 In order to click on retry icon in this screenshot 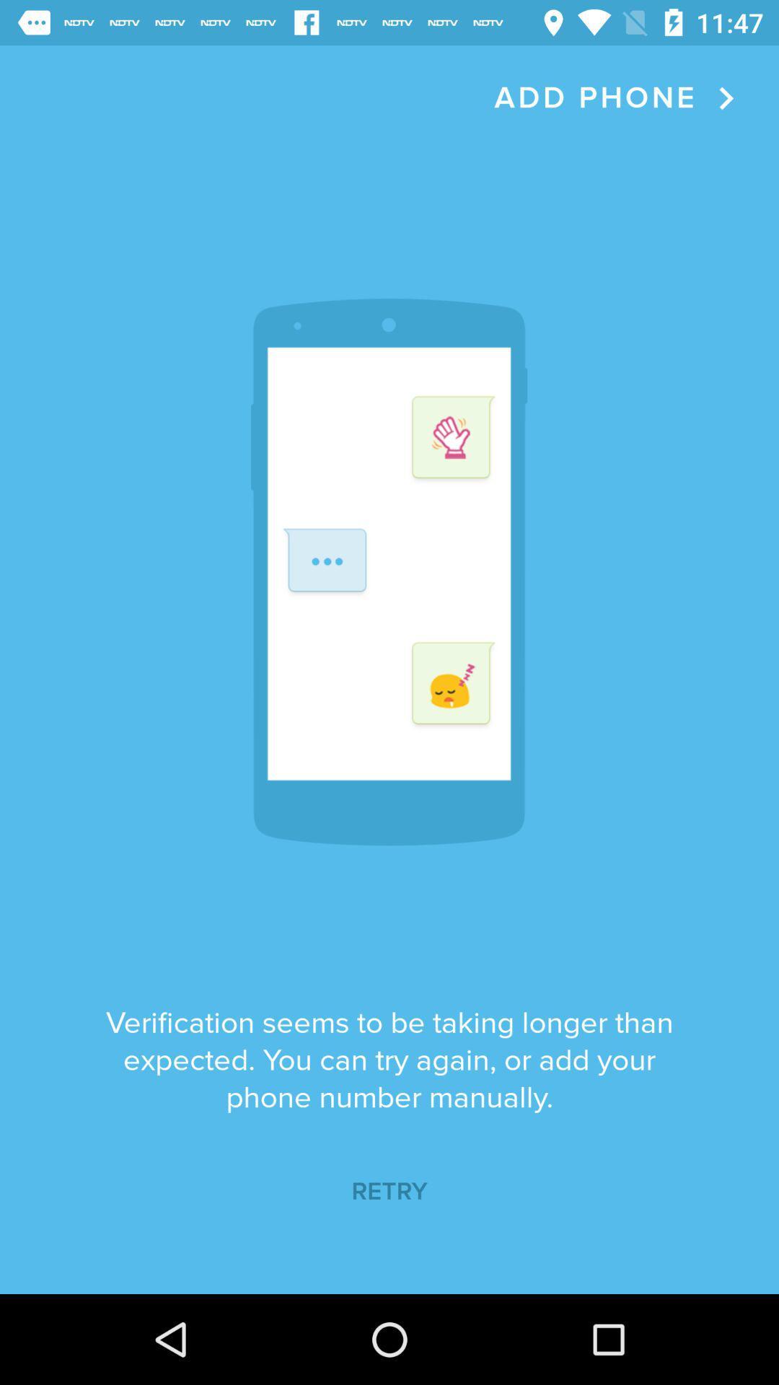, I will do `click(389, 1192)`.